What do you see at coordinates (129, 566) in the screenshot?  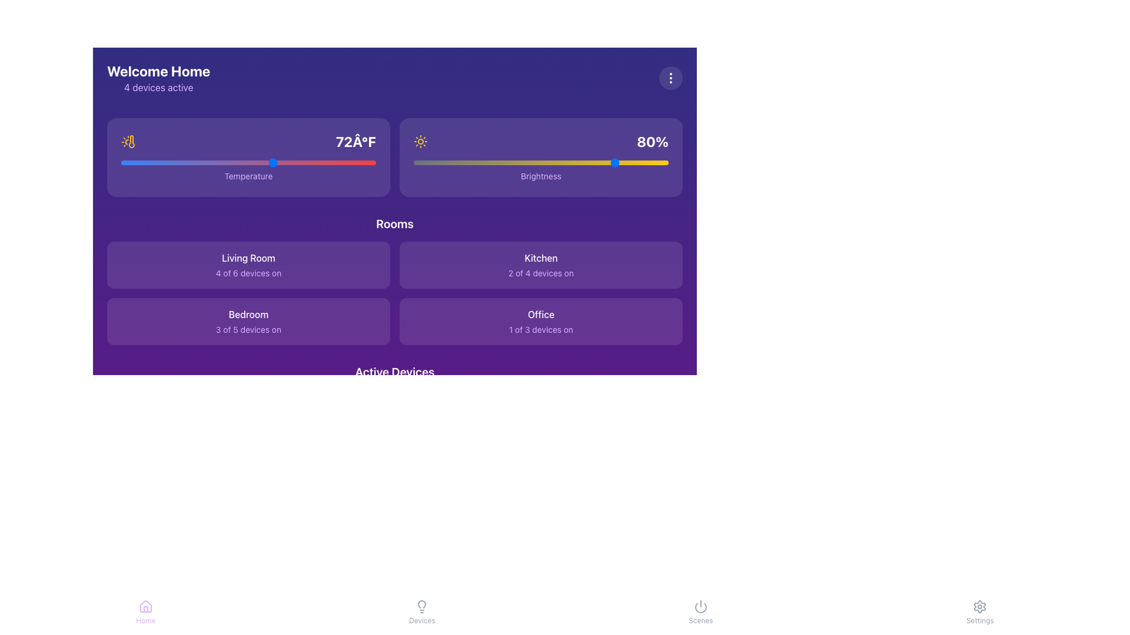 I see `the lock icon, which is a gray, circular padlock shape located at the bottom-left corner of the interface, near the 'Home' button` at bounding box center [129, 566].